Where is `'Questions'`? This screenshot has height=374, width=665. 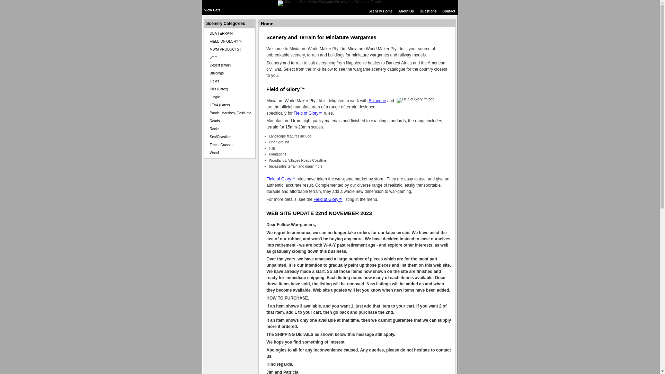 'Questions' is located at coordinates (428, 11).